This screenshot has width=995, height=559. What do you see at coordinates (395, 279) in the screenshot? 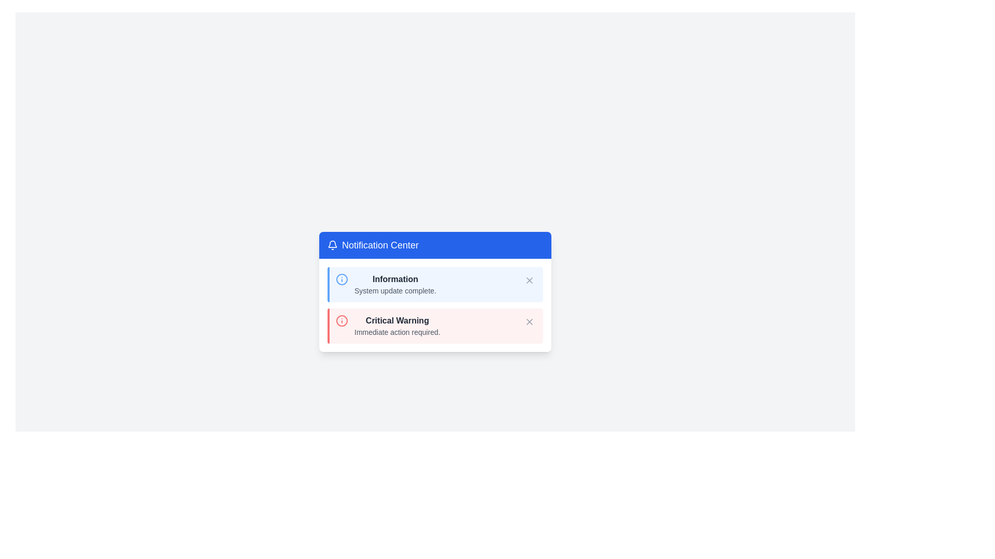
I see `the 'Information' text label, which is a bold gray header in a notification card located above the message 'System update complete.'` at bounding box center [395, 279].